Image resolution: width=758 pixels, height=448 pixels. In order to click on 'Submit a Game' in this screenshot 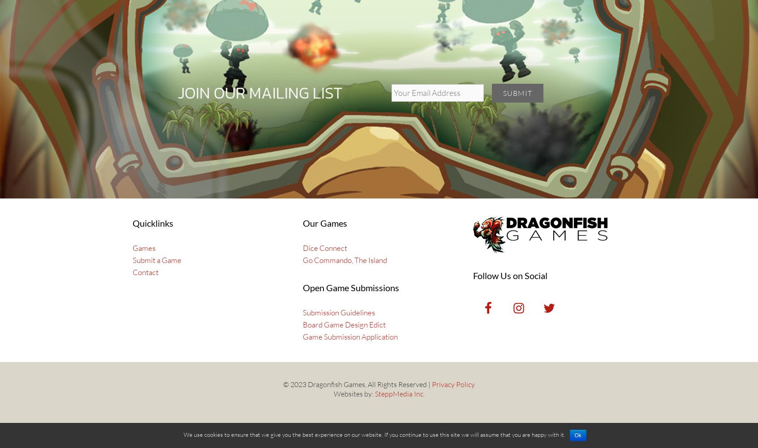, I will do `click(132, 259)`.